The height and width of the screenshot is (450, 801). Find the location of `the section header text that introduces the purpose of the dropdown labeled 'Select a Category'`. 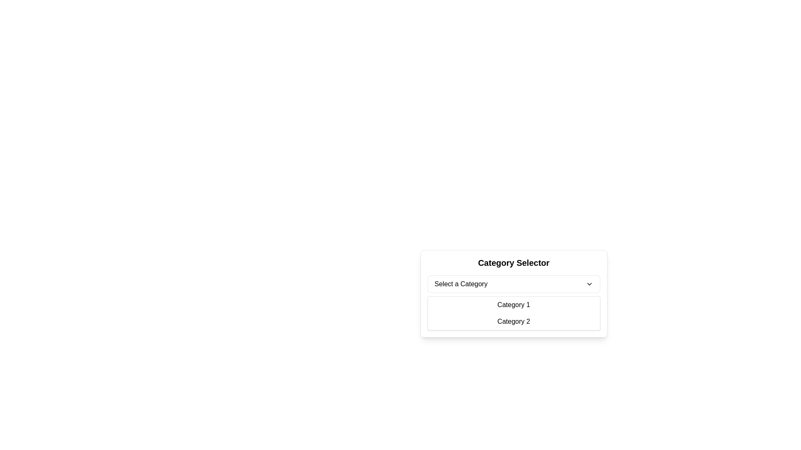

the section header text that introduces the purpose of the dropdown labeled 'Select a Category' is located at coordinates (513, 263).